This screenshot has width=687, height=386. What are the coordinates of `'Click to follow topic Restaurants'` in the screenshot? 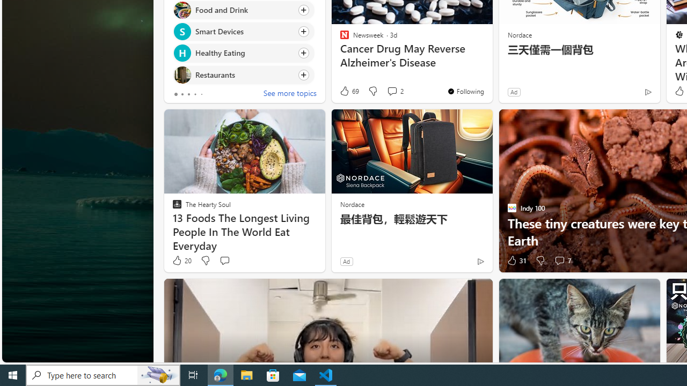 It's located at (243, 74).